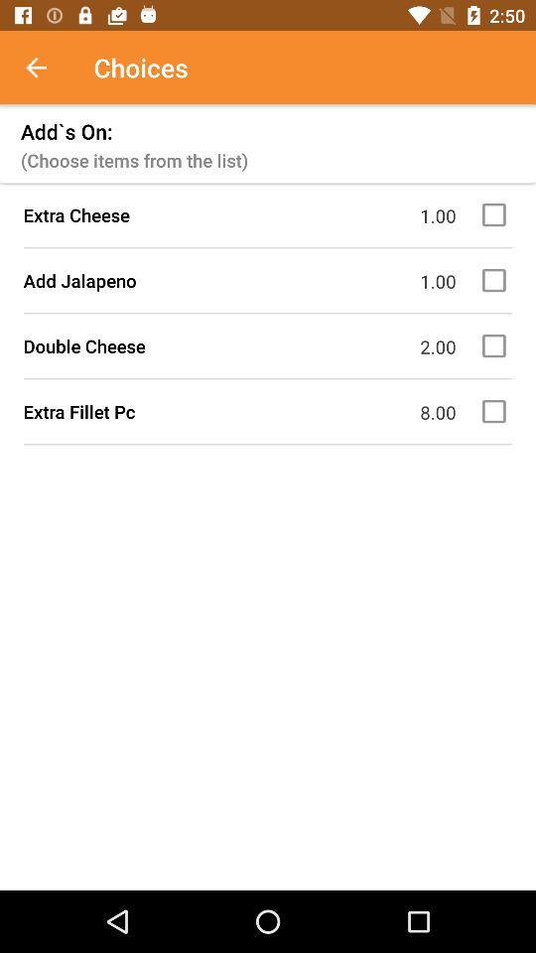  What do you see at coordinates (47, 68) in the screenshot?
I see `go back` at bounding box center [47, 68].